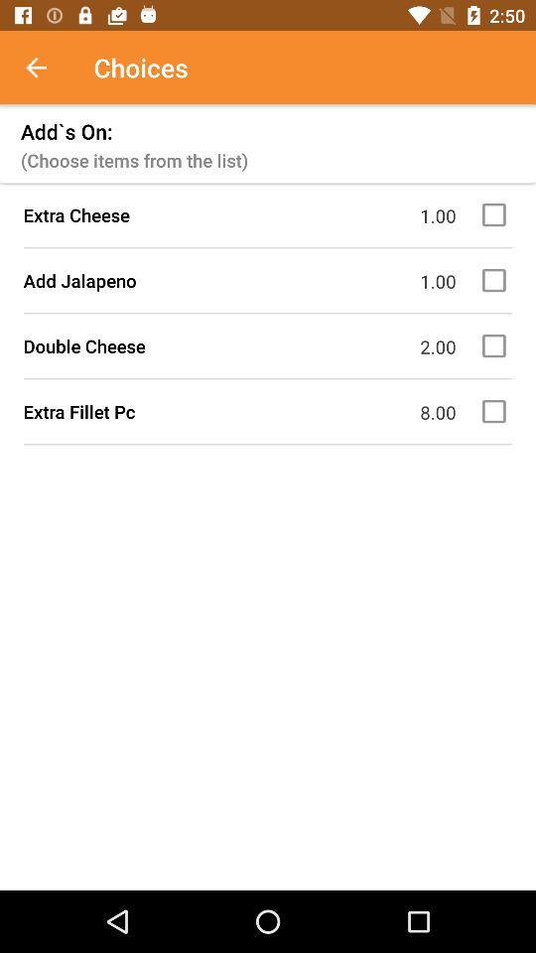  What do you see at coordinates (47, 68) in the screenshot?
I see `go back` at bounding box center [47, 68].